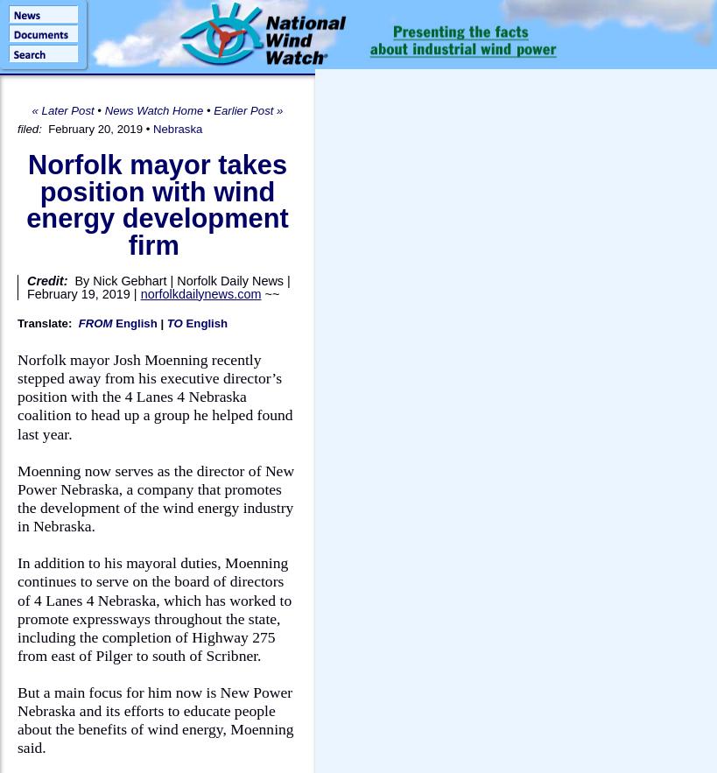 This screenshot has height=773, width=717. What do you see at coordinates (62, 109) in the screenshot?
I see `'« Later Post'` at bounding box center [62, 109].